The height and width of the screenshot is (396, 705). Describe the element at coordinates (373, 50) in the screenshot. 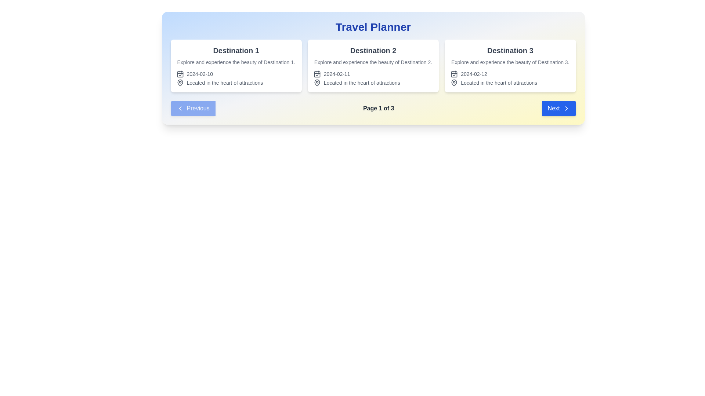

I see `the text label displaying 'Destination 2' in bold format, which is located at the top of the center card in a row of destination cards` at that location.